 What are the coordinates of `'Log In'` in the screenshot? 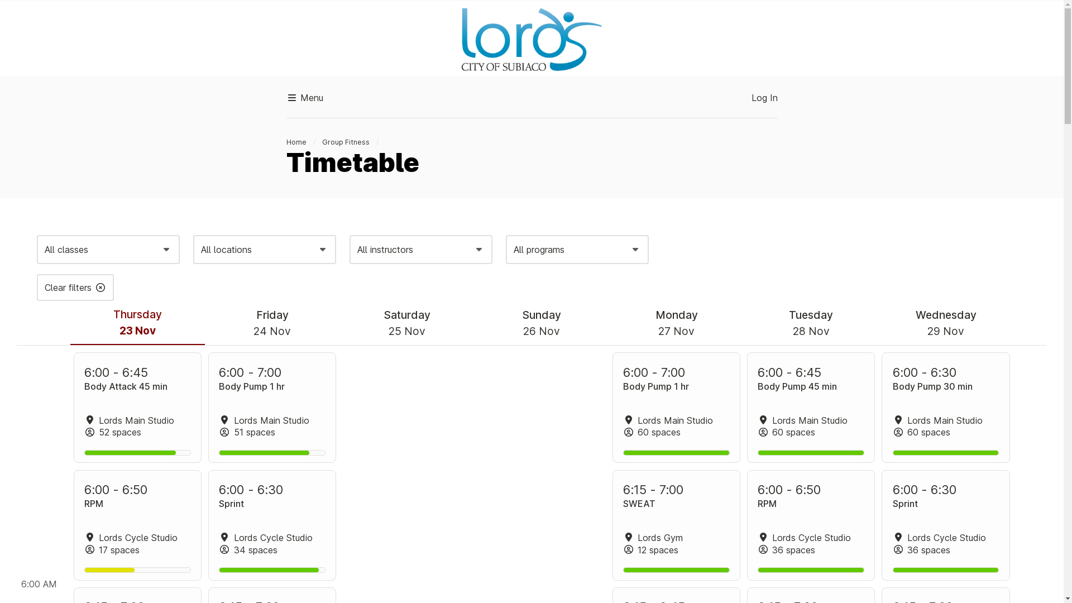 It's located at (764, 97).